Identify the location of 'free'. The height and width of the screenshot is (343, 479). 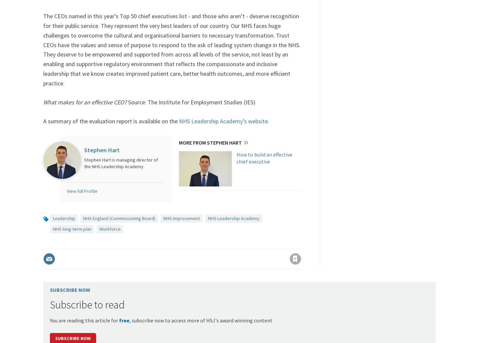
(119, 320).